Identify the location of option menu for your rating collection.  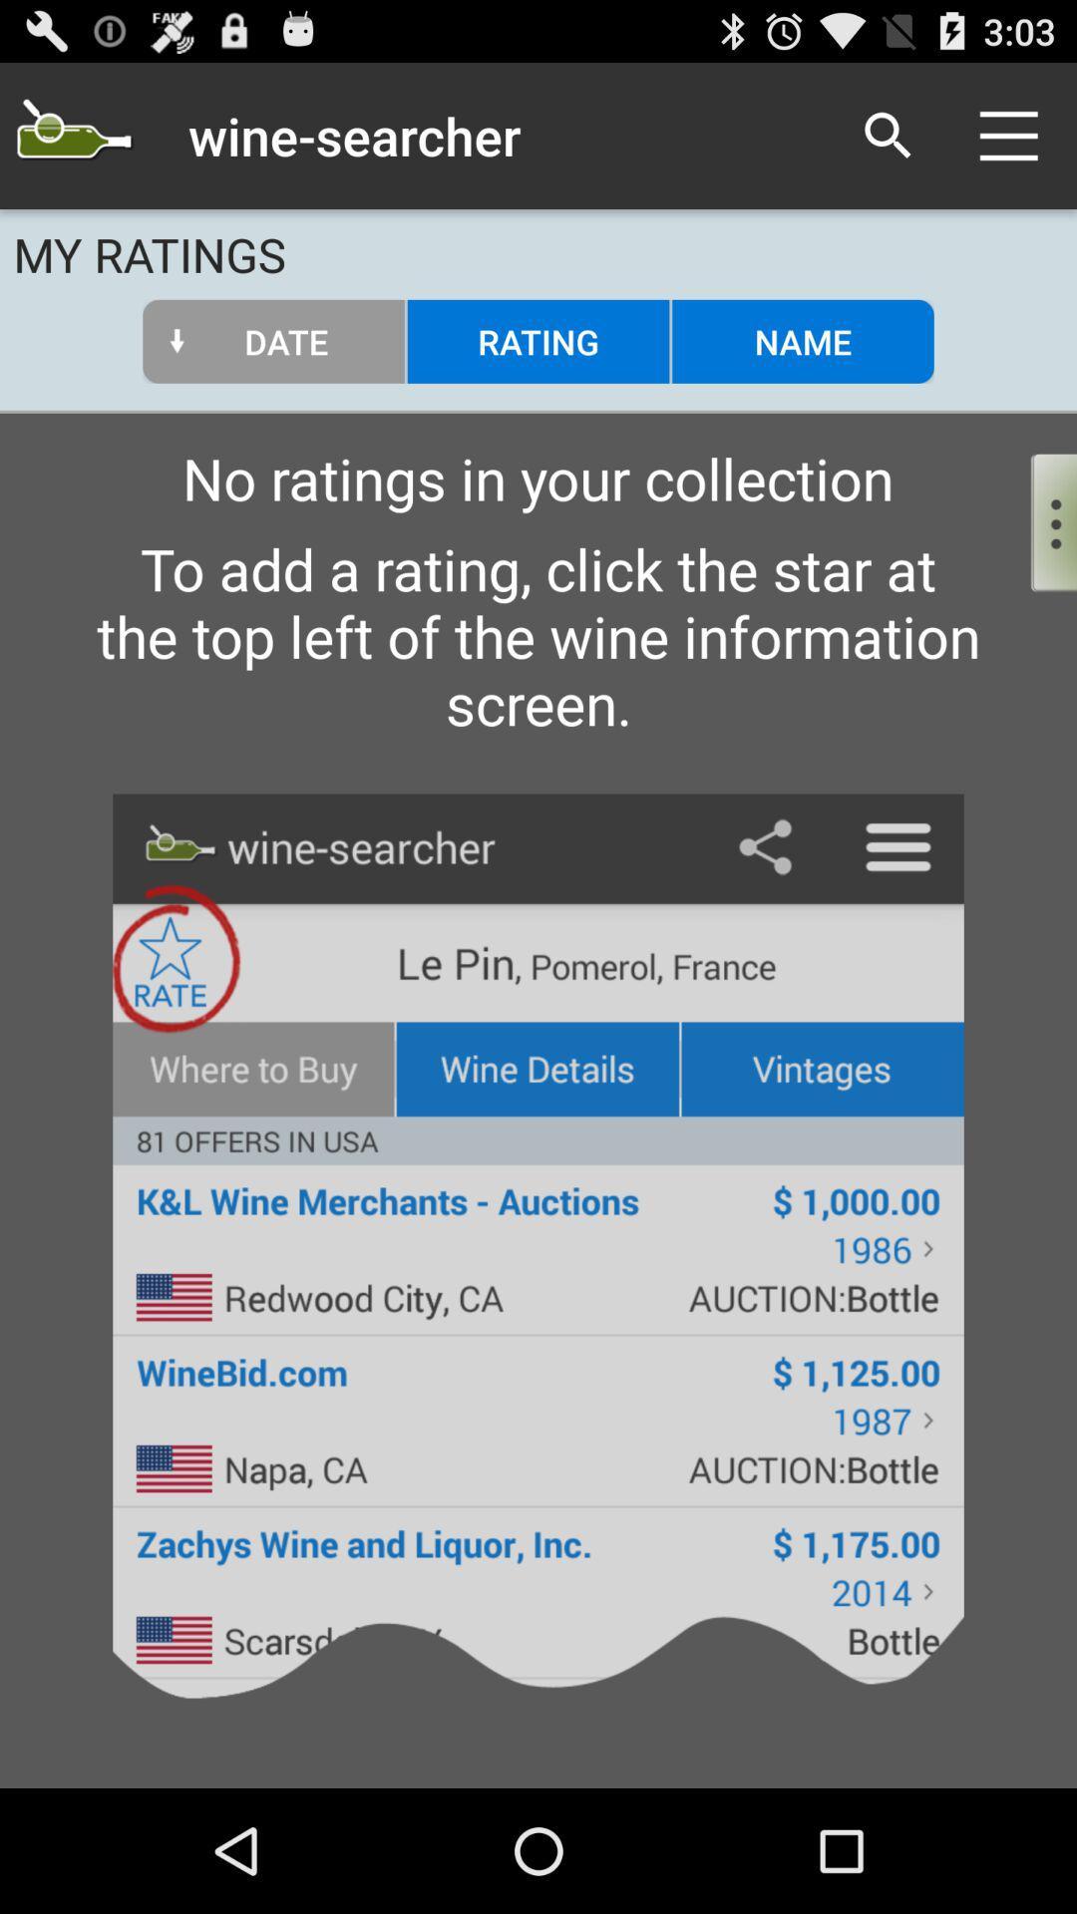
(1036, 517).